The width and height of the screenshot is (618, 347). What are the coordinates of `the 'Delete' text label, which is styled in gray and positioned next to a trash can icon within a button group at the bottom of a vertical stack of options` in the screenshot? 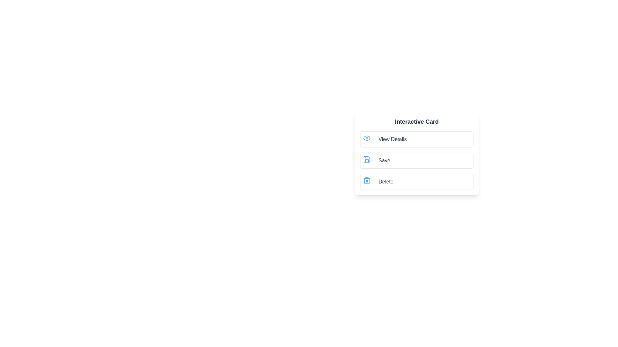 It's located at (386, 182).